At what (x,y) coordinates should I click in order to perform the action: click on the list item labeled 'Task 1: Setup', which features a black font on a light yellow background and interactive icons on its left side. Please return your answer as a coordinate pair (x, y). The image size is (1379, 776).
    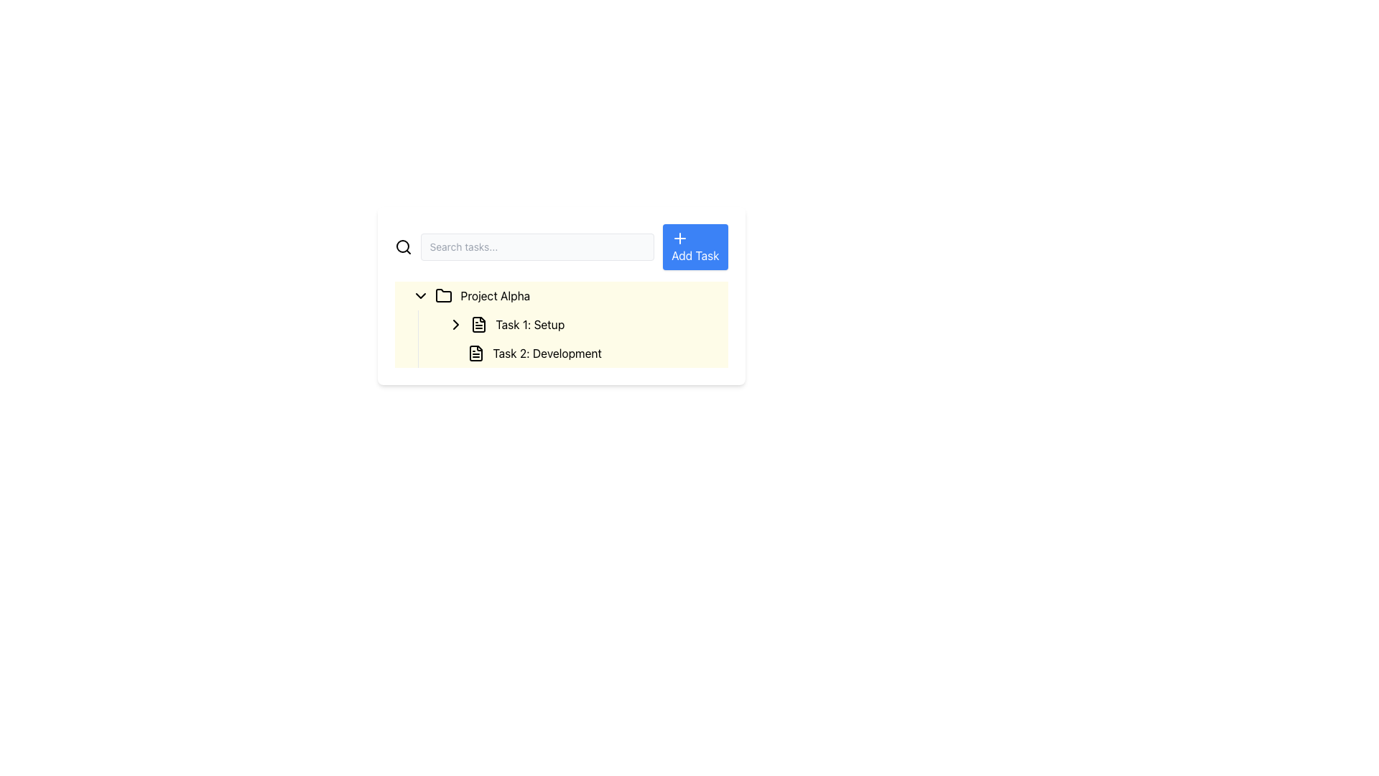
    Looking at the image, I should click on (579, 324).